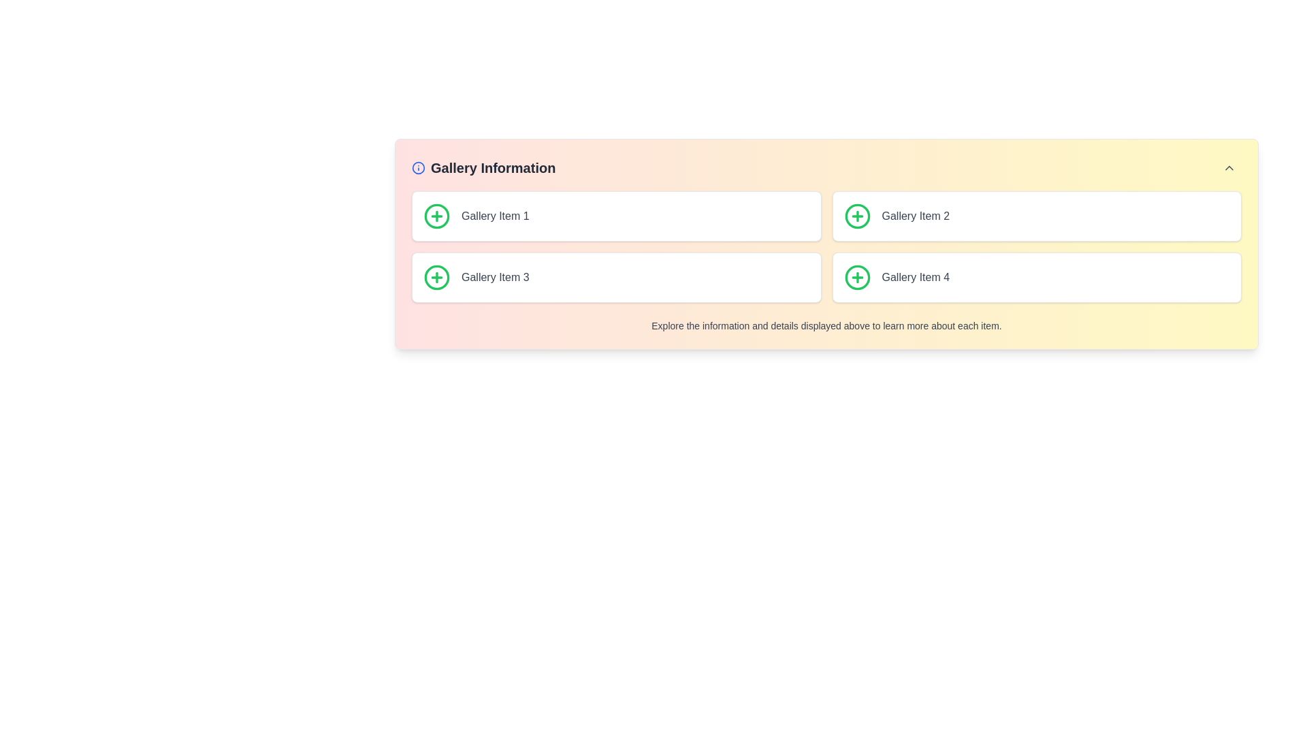 This screenshot has height=735, width=1307. What do you see at coordinates (916, 215) in the screenshot?
I see `the Text label displaying the name or identifier of the associated gallery item, located in the top-right section of a four-item grid layout, in the second position of the upper row` at bounding box center [916, 215].